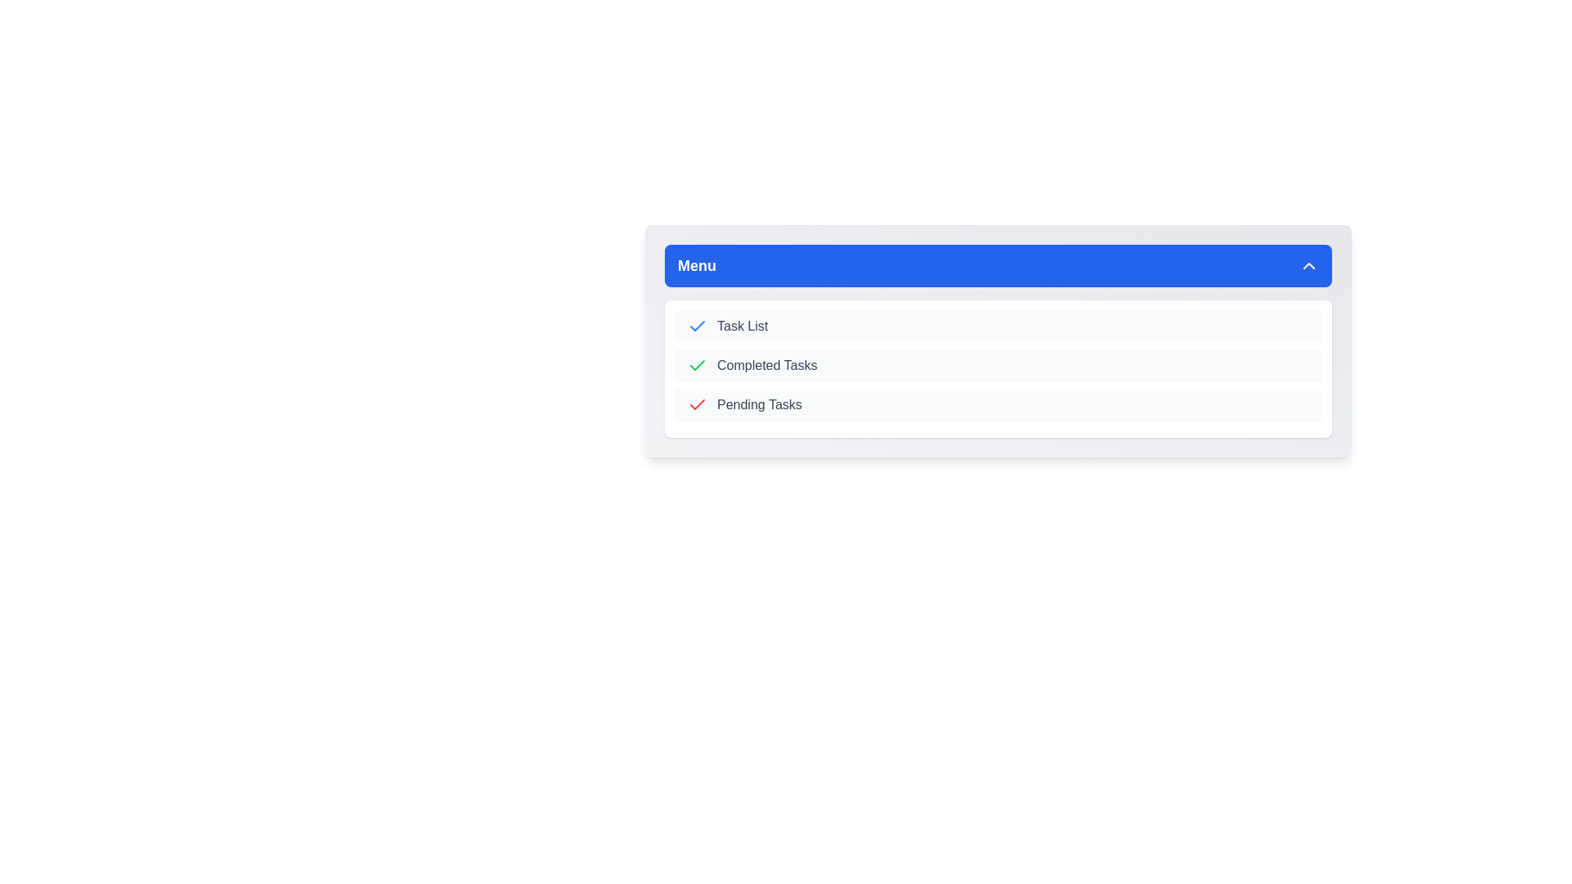 The width and height of the screenshot is (1572, 884). I want to click on the green checkmark icon located to the left of the 'Completed Tasks' label in the menu list, so click(697, 365).